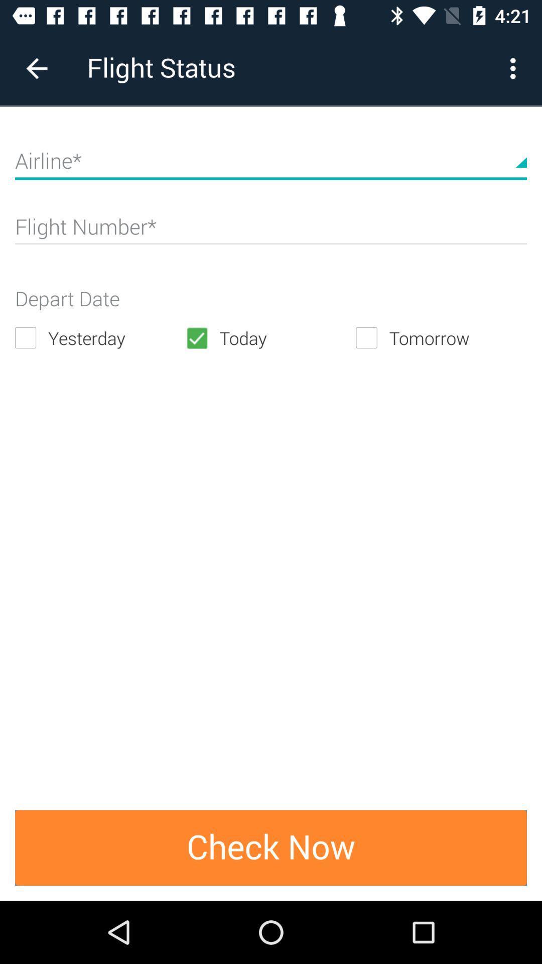  Describe the element at coordinates (271, 165) in the screenshot. I see `choose your airline` at that location.